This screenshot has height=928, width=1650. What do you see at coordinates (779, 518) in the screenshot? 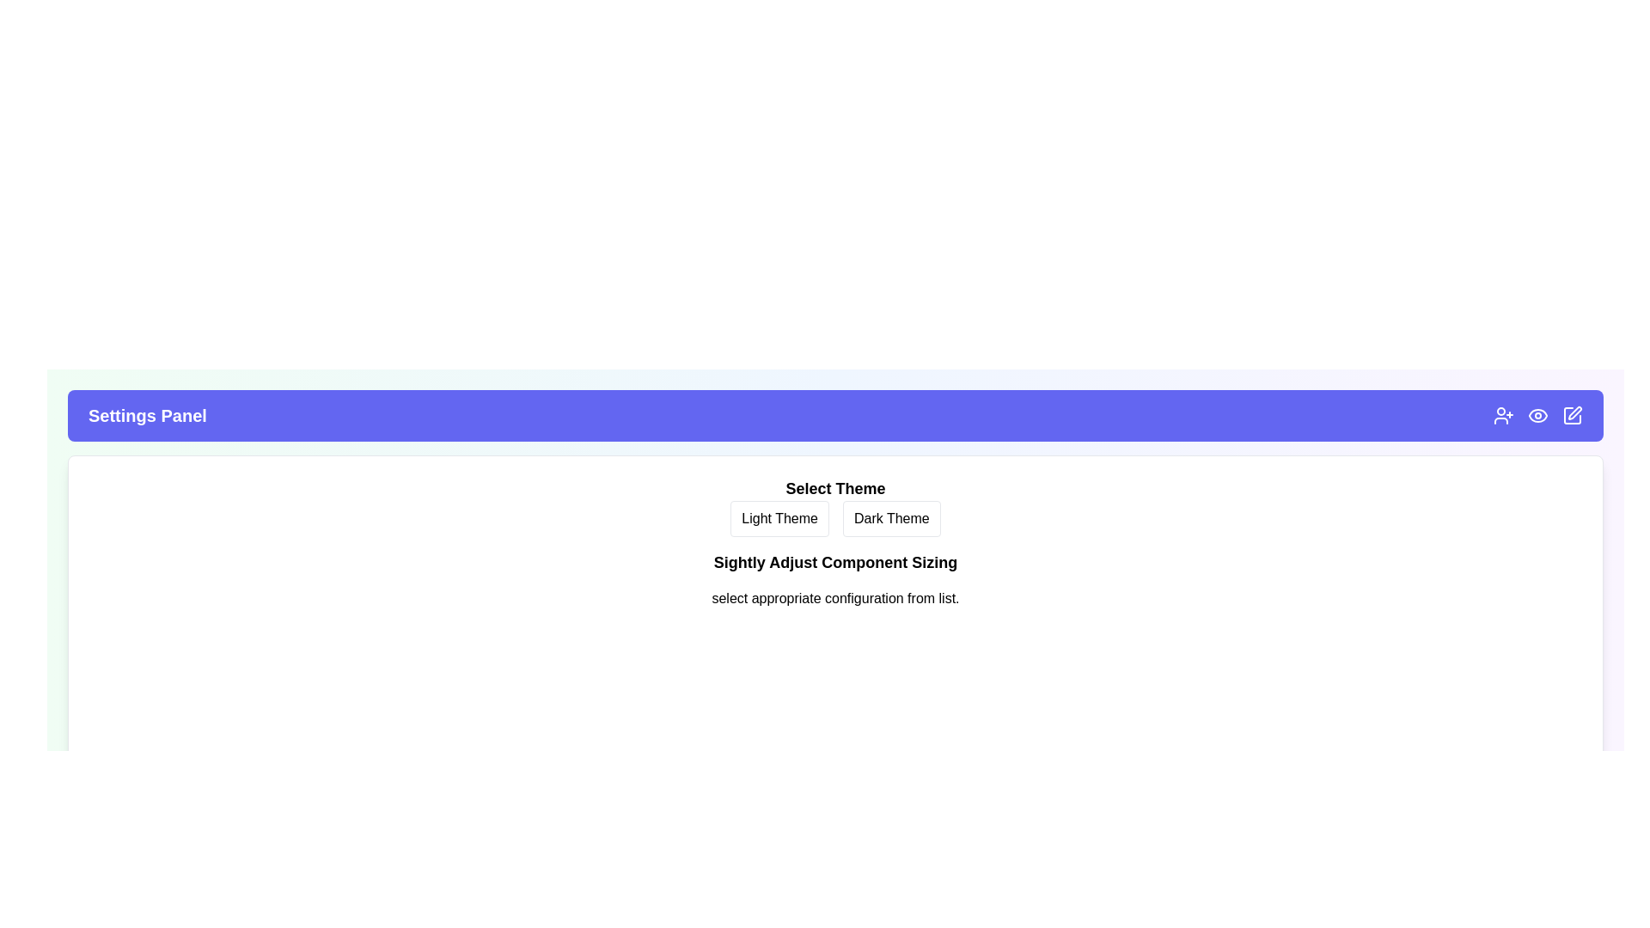
I see `the first button in the group below the 'Select Theme' label` at bounding box center [779, 518].